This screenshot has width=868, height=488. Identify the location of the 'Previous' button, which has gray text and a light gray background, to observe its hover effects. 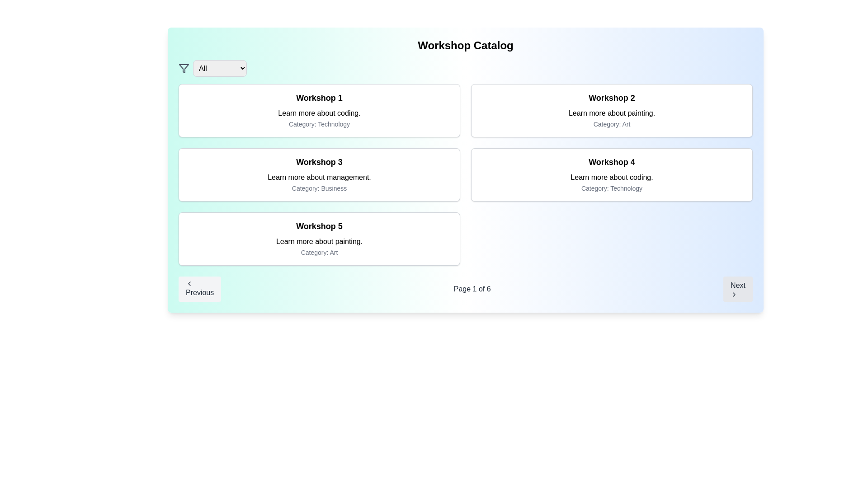
(199, 289).